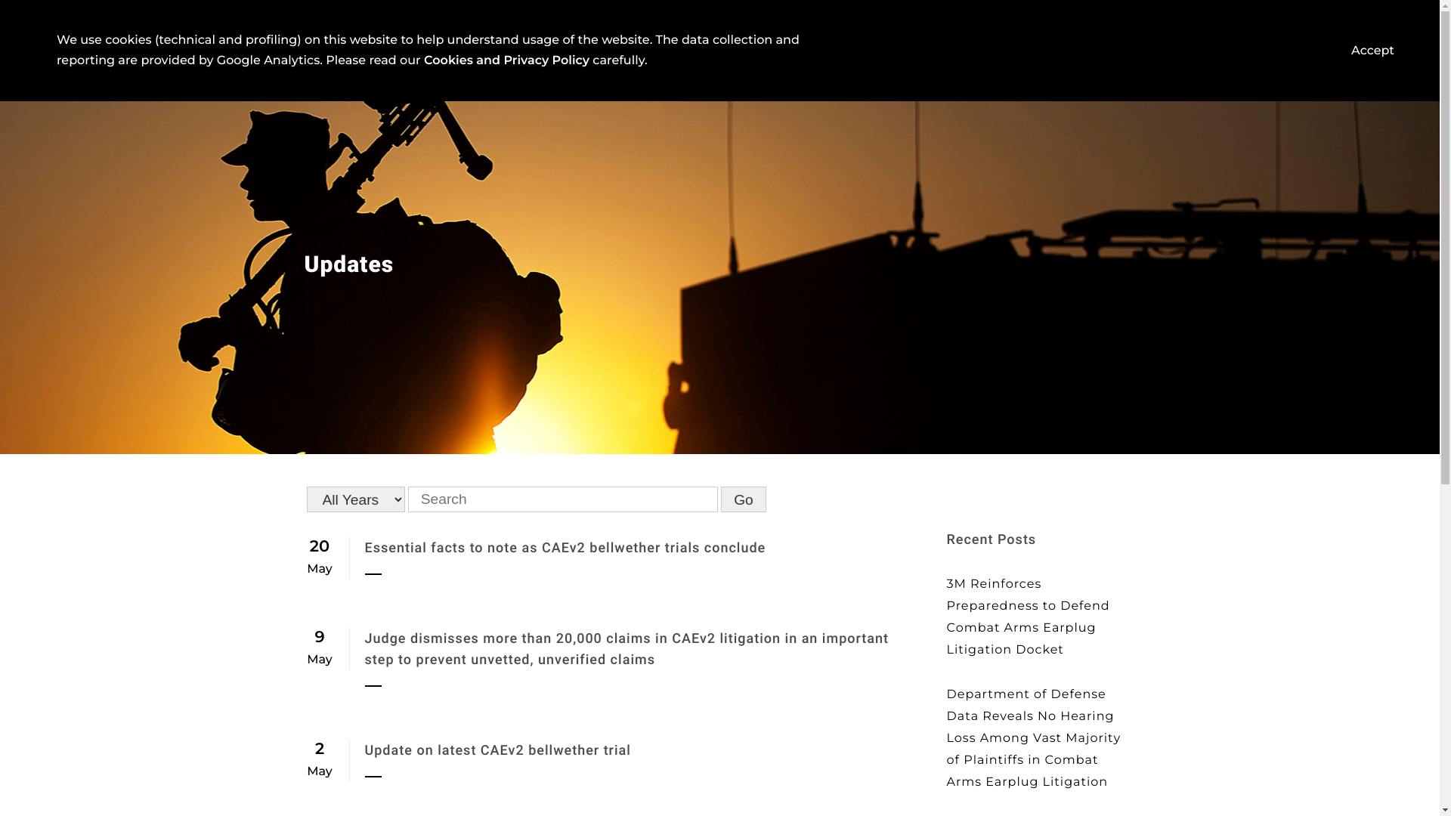 This screenshot has height=816, width=1451. Describe the element at coordinates (743, 499) in the screenshot. I see `'Go'` at that location.